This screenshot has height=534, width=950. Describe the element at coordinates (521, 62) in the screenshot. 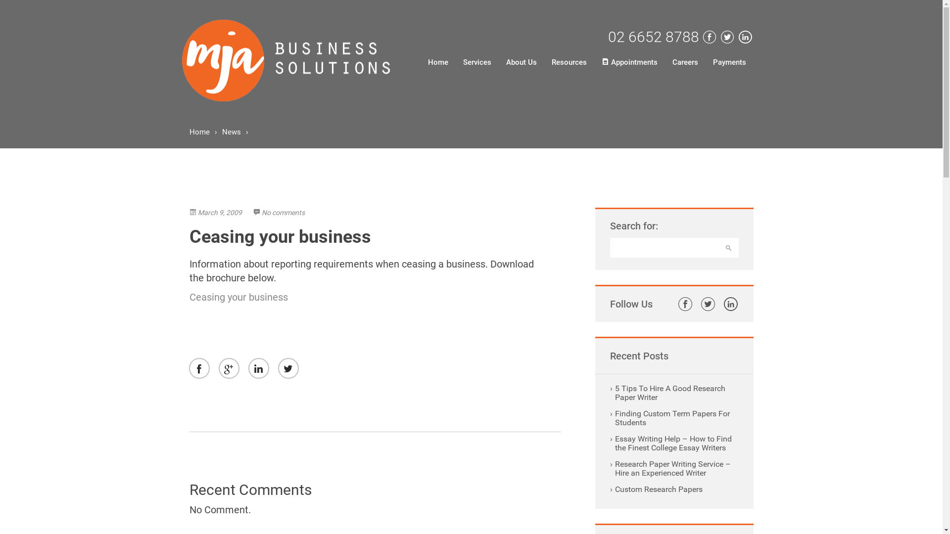

I see `'About Us'` at that location.